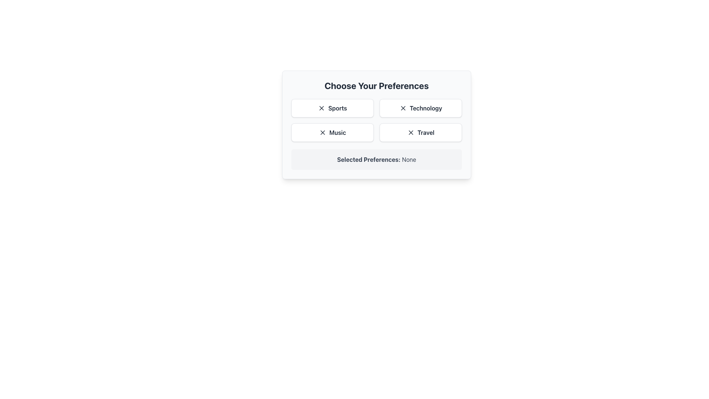 This screenshot has height=399, width=709. What do you see at coordinates (421, 132) in the screenshot?
I see `the 'Travel' button located in the bottom-right cell of the grid layout, which has a white background and features the word 'Travel' in bold, dark text next to a small 'X' icon` at bounding box center [421, 132].